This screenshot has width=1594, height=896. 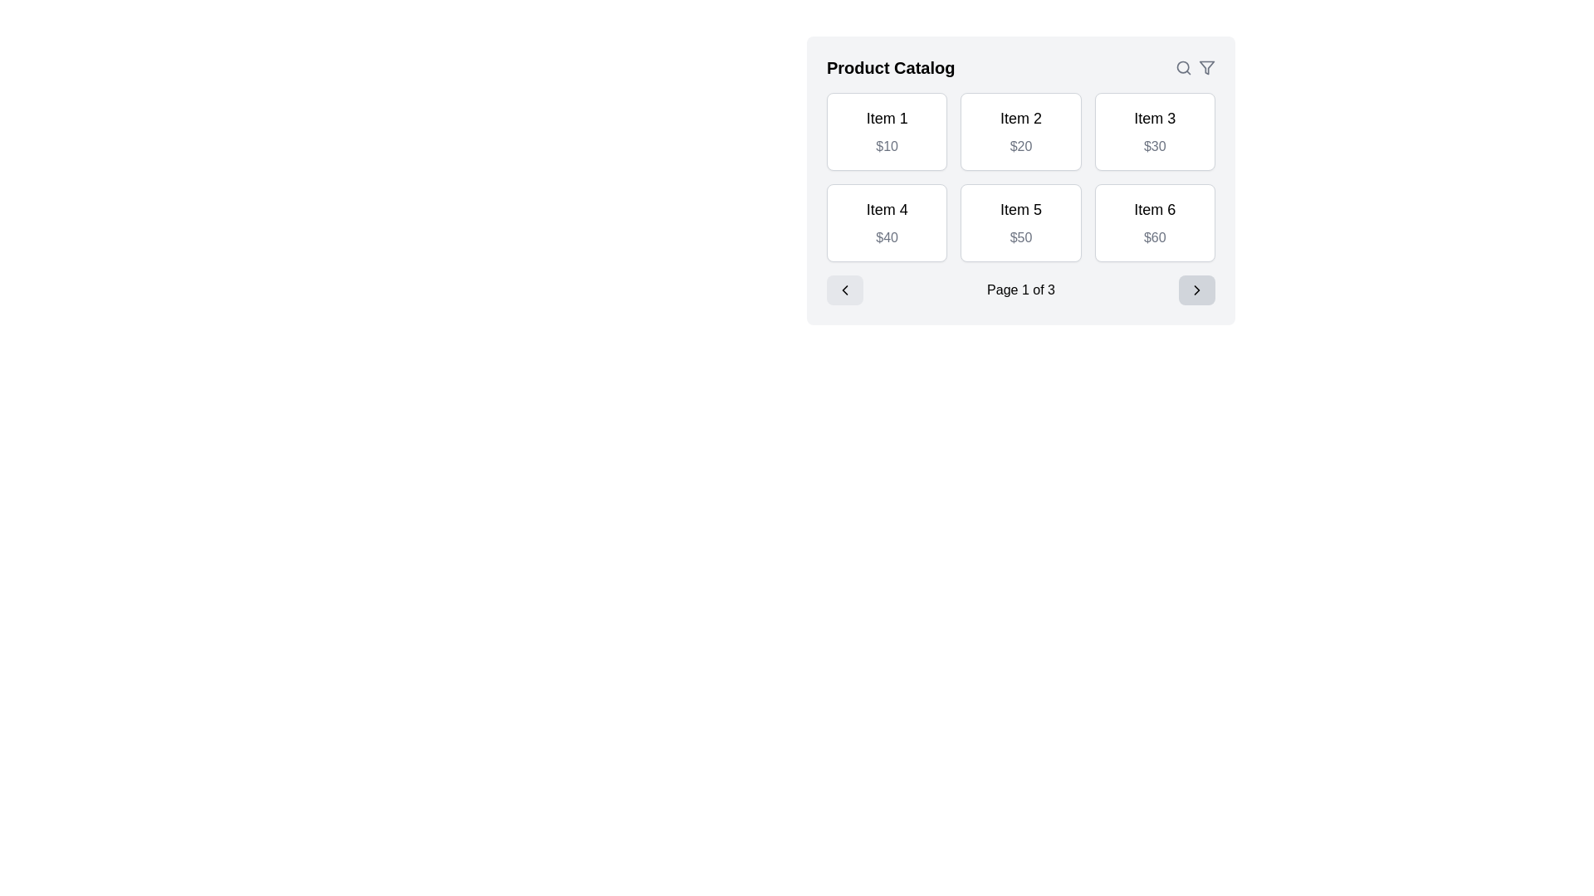 What do you see at coordinates (1019, 237) in the screenshot?
I see `the text label displaying the numeric value '$50', which is styled in gray and positioned below the heading 'Item 5' in the product grid interface` at bounding box center [1019, 237].